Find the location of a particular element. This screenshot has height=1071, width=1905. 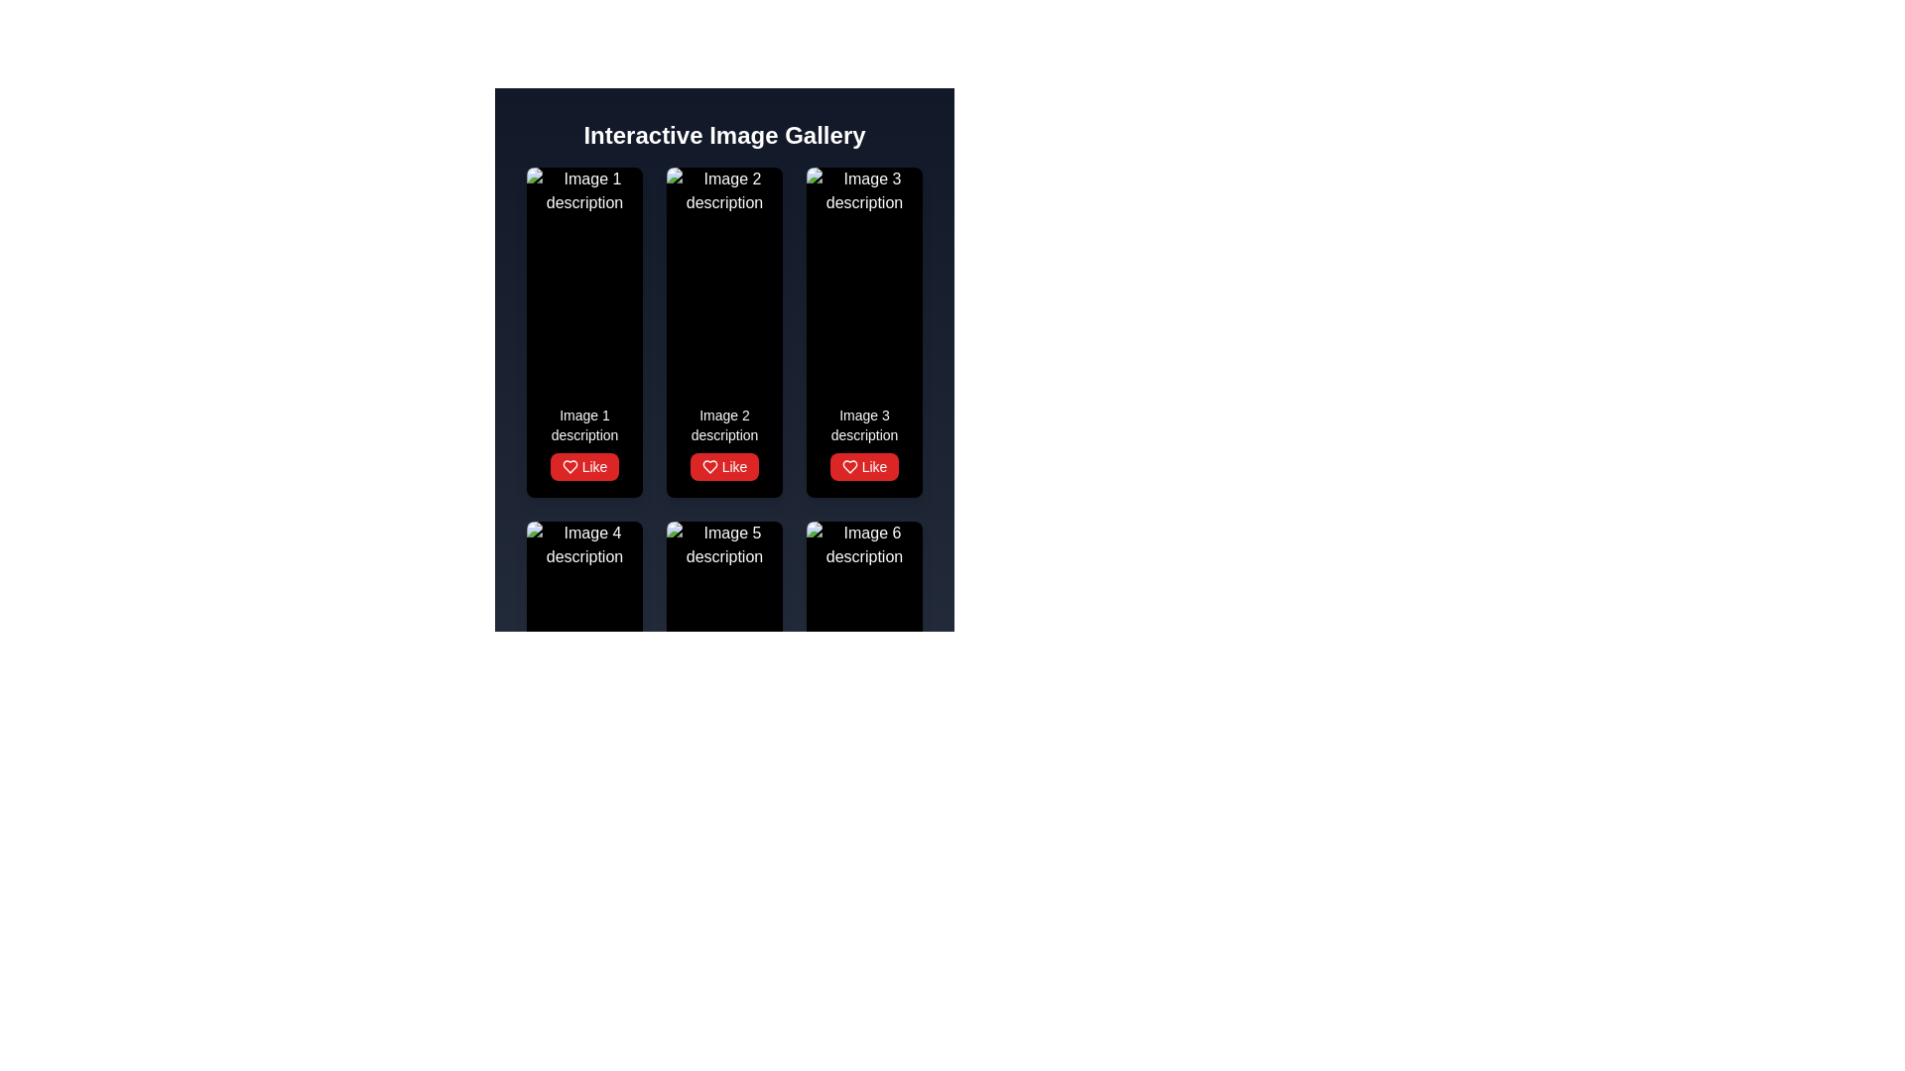

the 'Like' button with a heart icon in the first card component of the gallery is located at coordinates (583, 442).